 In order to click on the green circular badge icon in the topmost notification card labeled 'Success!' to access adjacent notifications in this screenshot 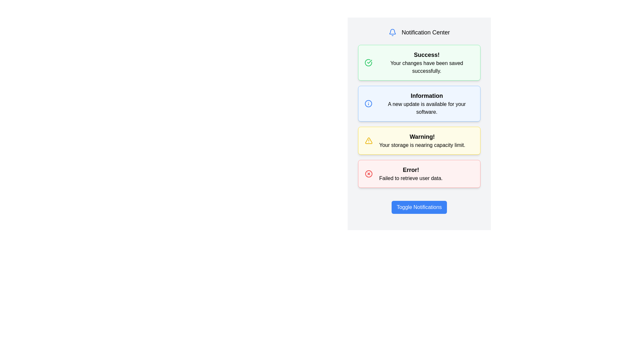, I will do `click(369, 61)`.